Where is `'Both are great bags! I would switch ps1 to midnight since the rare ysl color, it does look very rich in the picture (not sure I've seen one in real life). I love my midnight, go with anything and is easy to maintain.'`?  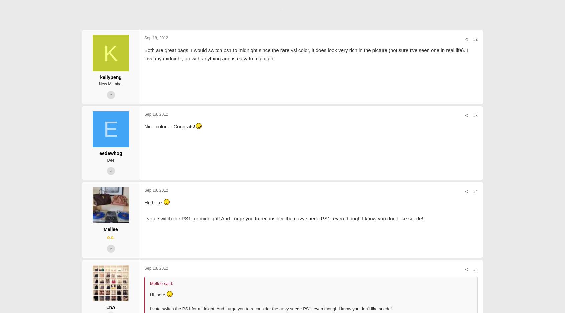 'Both are great bags! I would switch ps1 to midnight since the rare ysl color, it does look very rich in the picture (not sure I've seen one in real life). I love my midnight, go with anything and is easy to maintain.' is located at coordinates (258, 86).